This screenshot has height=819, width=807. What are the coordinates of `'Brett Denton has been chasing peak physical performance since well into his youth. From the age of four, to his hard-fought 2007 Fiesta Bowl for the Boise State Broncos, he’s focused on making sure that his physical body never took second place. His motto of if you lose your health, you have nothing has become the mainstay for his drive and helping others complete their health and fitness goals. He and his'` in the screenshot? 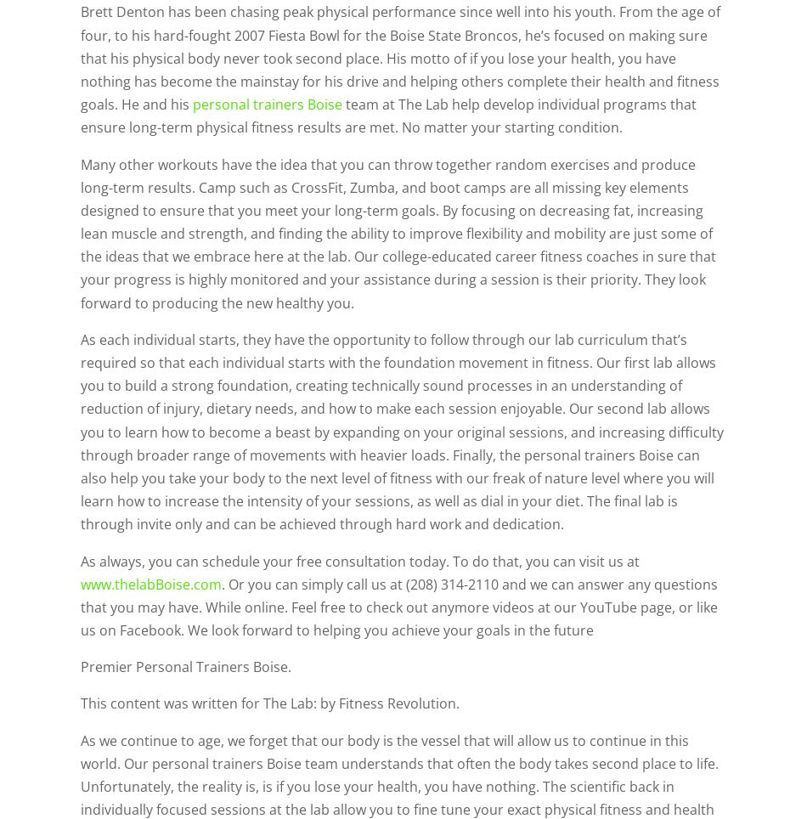 It's located at (81, 58).